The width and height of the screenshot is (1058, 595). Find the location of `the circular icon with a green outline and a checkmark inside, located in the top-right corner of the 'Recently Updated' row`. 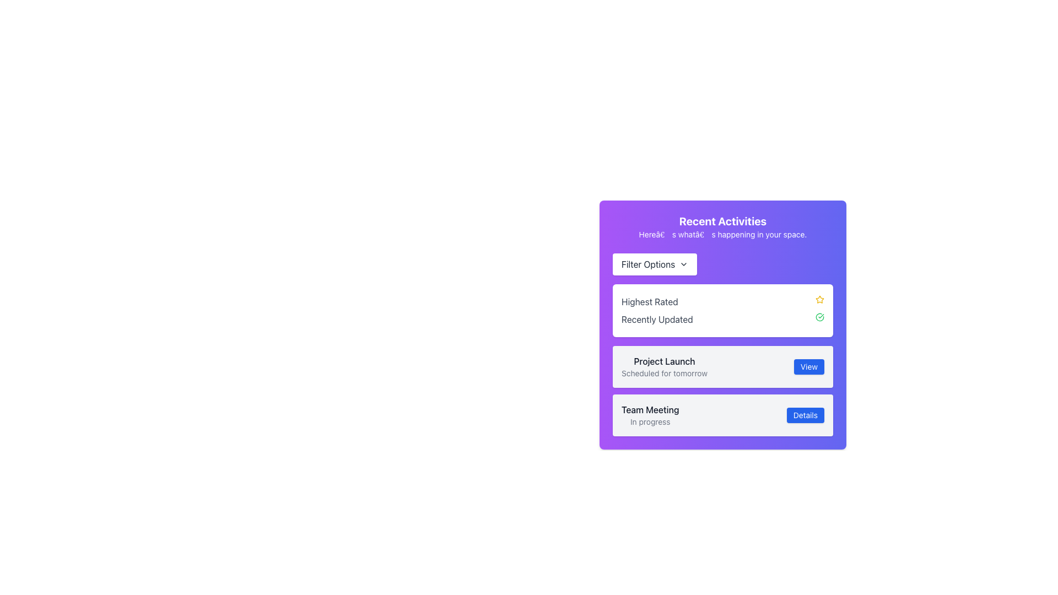

the circular icon with a green outline and a checkmark inside, located in the top-right corner of the 'Recently Updated' row is located at coordinates (820, 317).